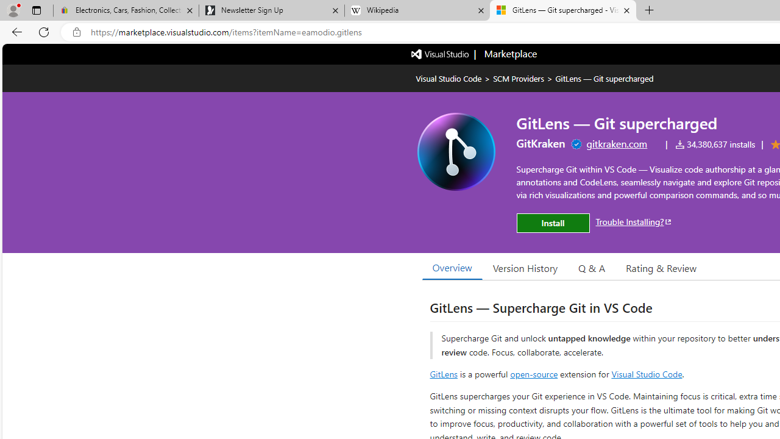 This screenshot has width=780, height=439. Describe the element at coordinates (552, 223) in the screenshot. I see `'Install'` at that location.